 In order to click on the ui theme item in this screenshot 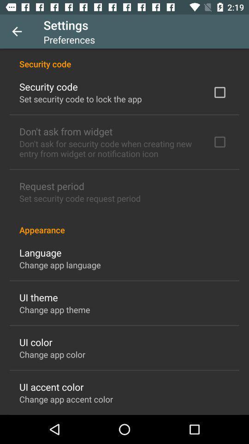, I will do `click(38, 297)`.